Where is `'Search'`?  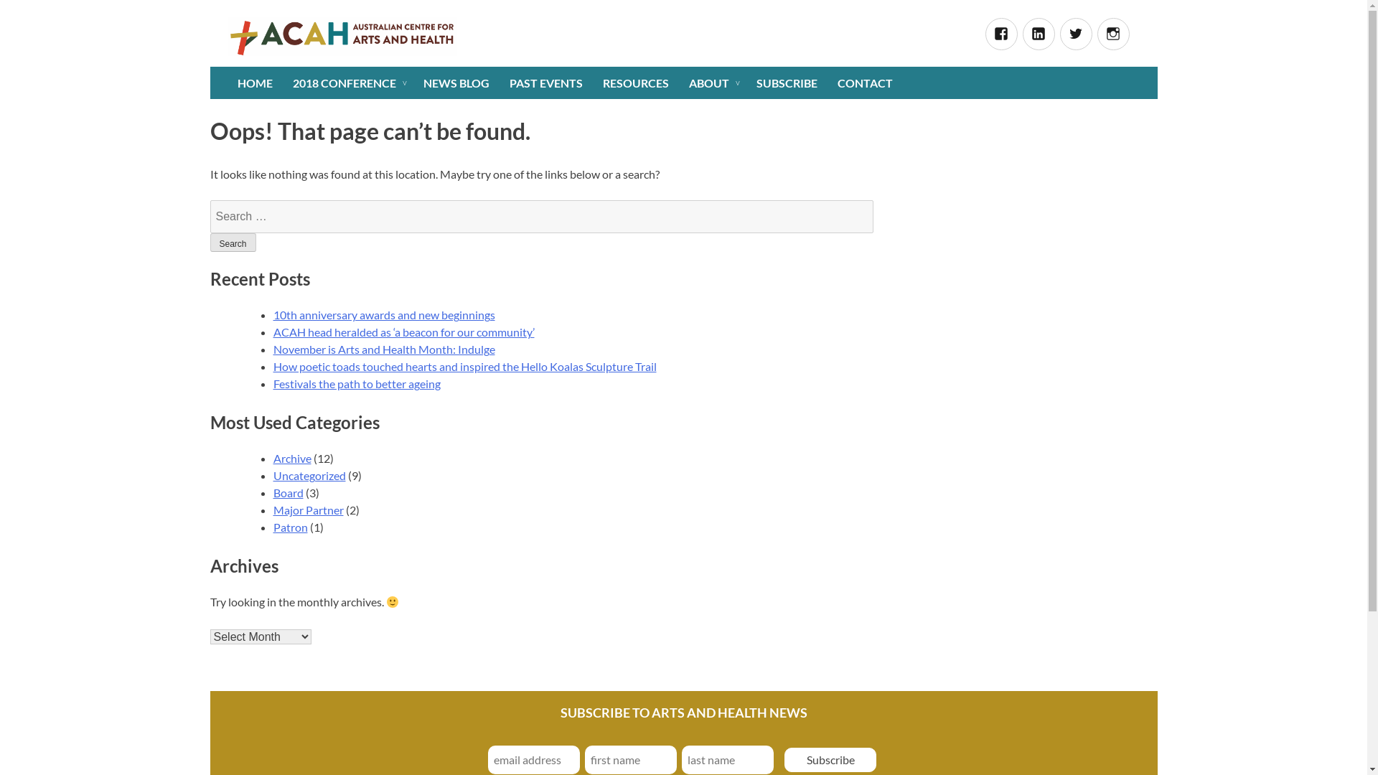 'Search' is located at coordinates (233, 242).